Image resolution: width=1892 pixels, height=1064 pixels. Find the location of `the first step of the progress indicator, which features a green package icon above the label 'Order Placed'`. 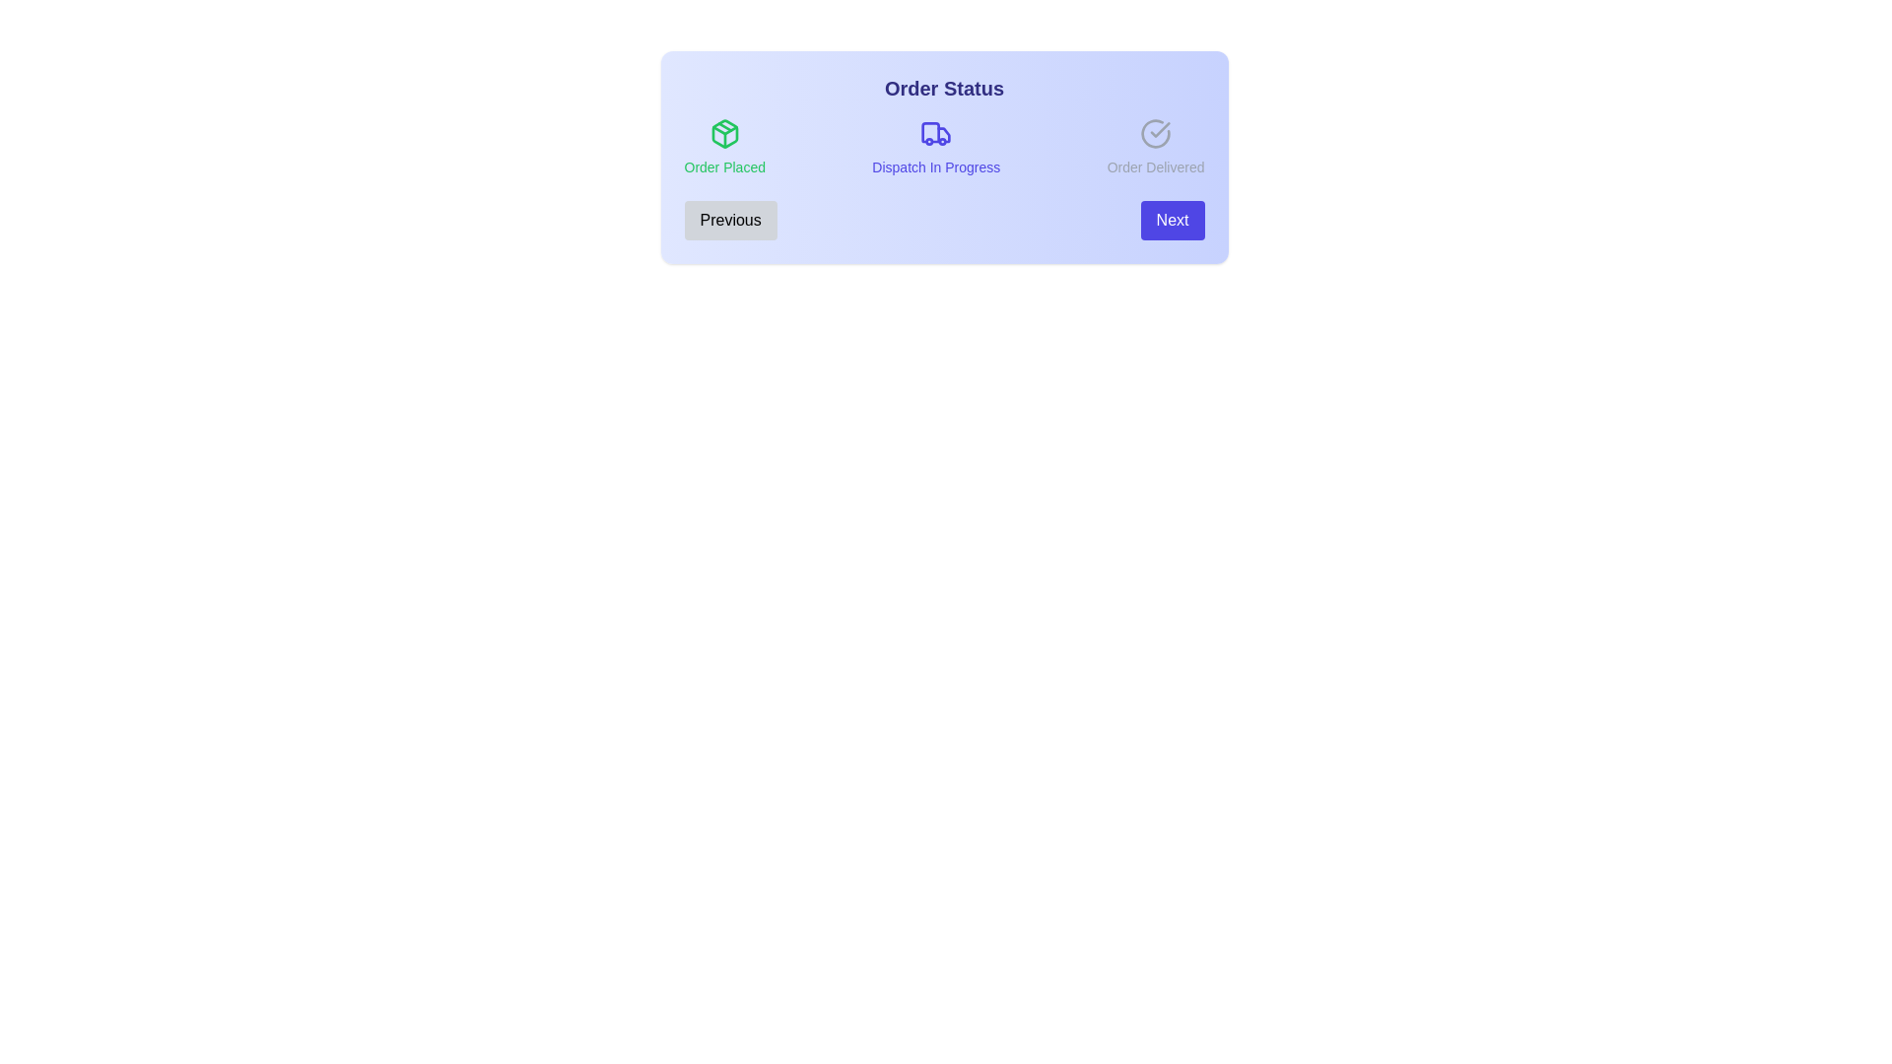

the first step of the progress indicator, which features a green package icon above the label 'Order Placed' is located at coordinates (723, 147).